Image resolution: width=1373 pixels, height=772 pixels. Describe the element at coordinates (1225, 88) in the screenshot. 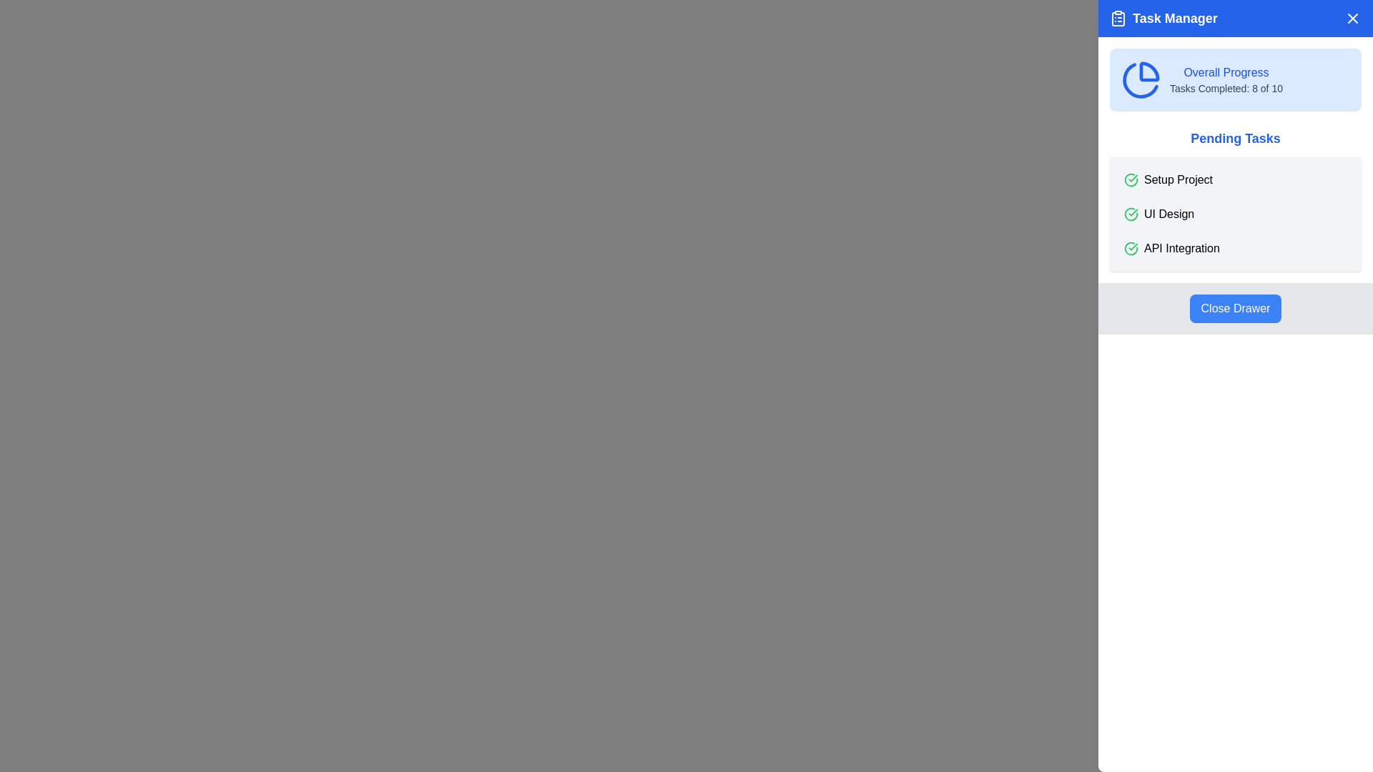

I see `the static text label UI component that displays progress information, located in the upper-right corner of the interface below the 'Overall Progress' title` at that location.